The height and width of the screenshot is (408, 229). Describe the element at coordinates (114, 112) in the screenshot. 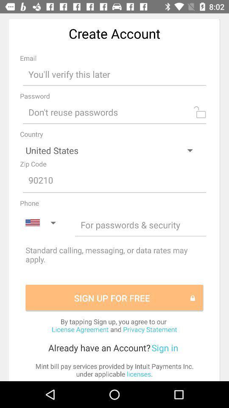

I see `password` at that location.